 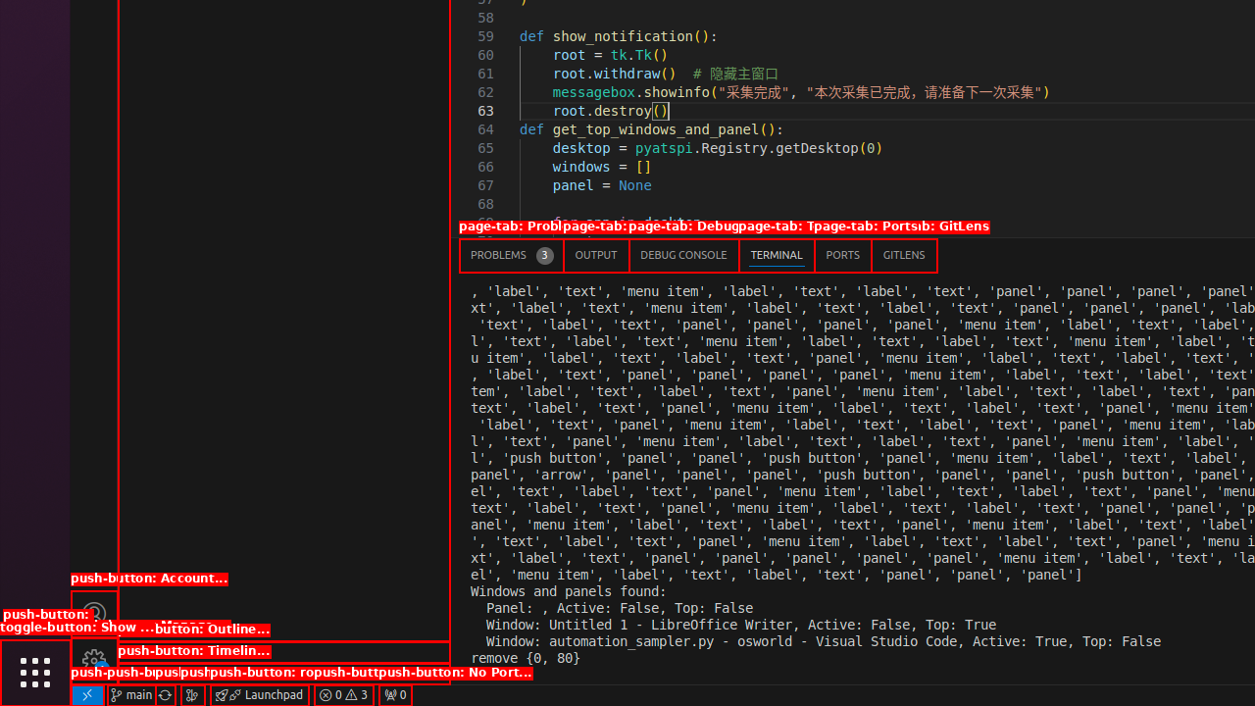 I want to click on 'GitLens', so click(x=902, y=254).